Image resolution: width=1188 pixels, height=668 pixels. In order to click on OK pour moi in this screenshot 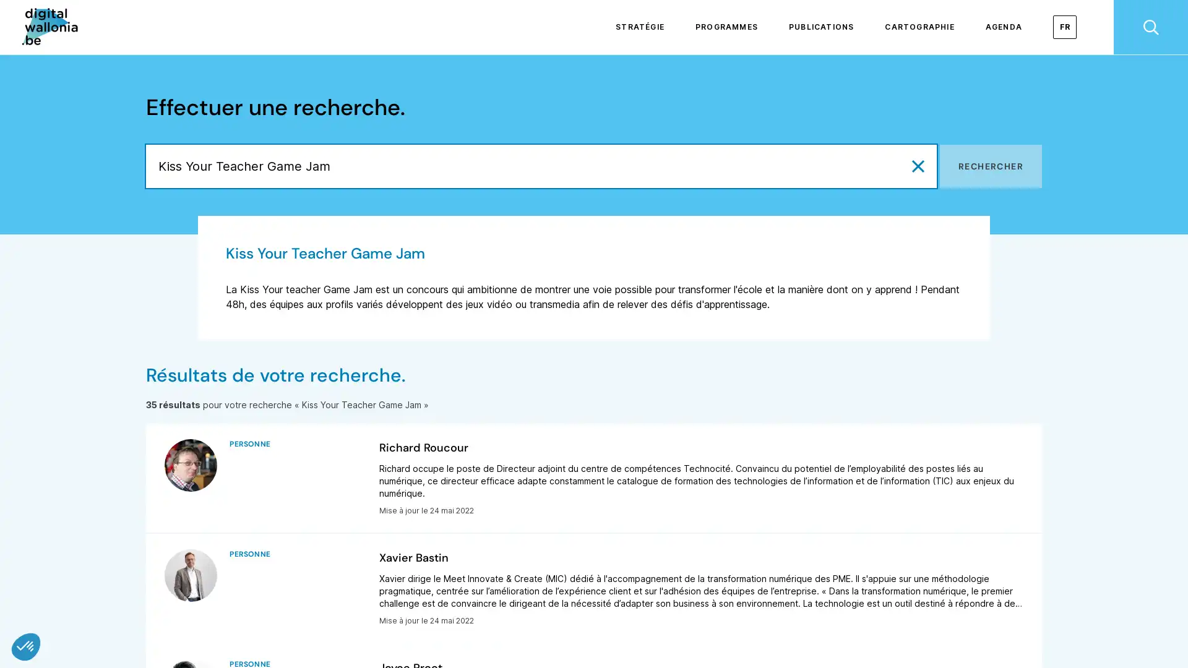, I will do `click(228, 605)`.